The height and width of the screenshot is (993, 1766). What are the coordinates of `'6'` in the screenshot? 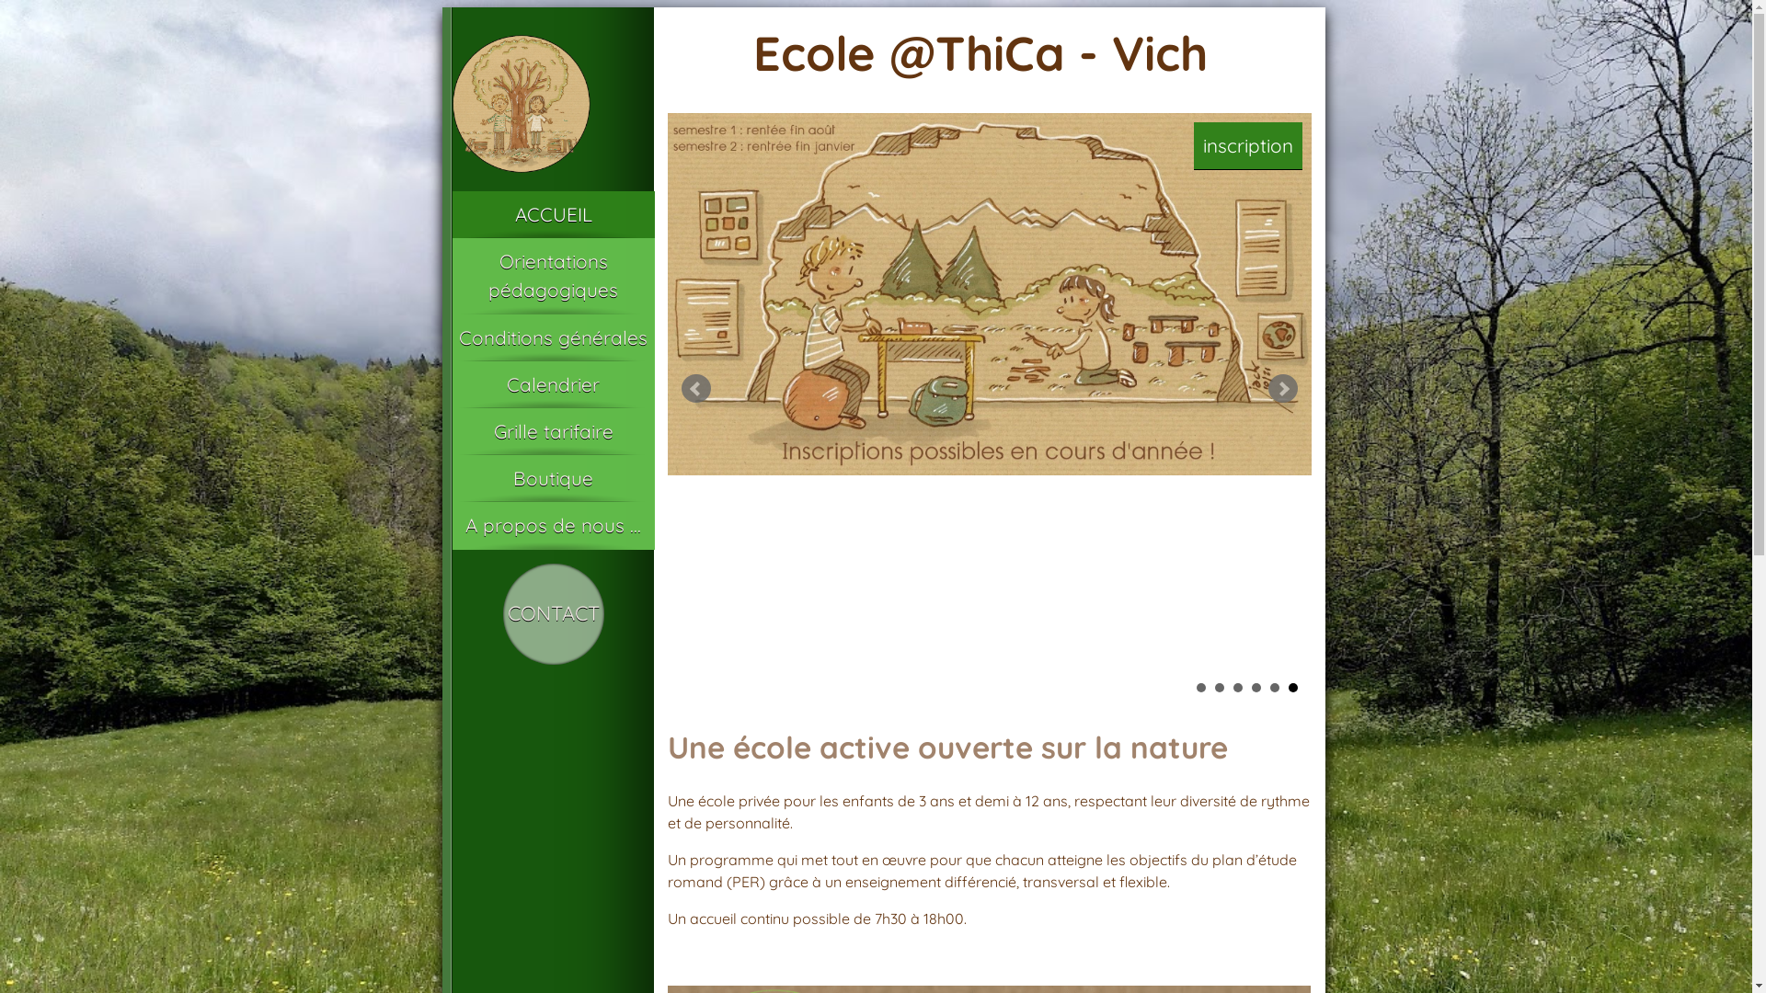 It's located at (1291, 688).